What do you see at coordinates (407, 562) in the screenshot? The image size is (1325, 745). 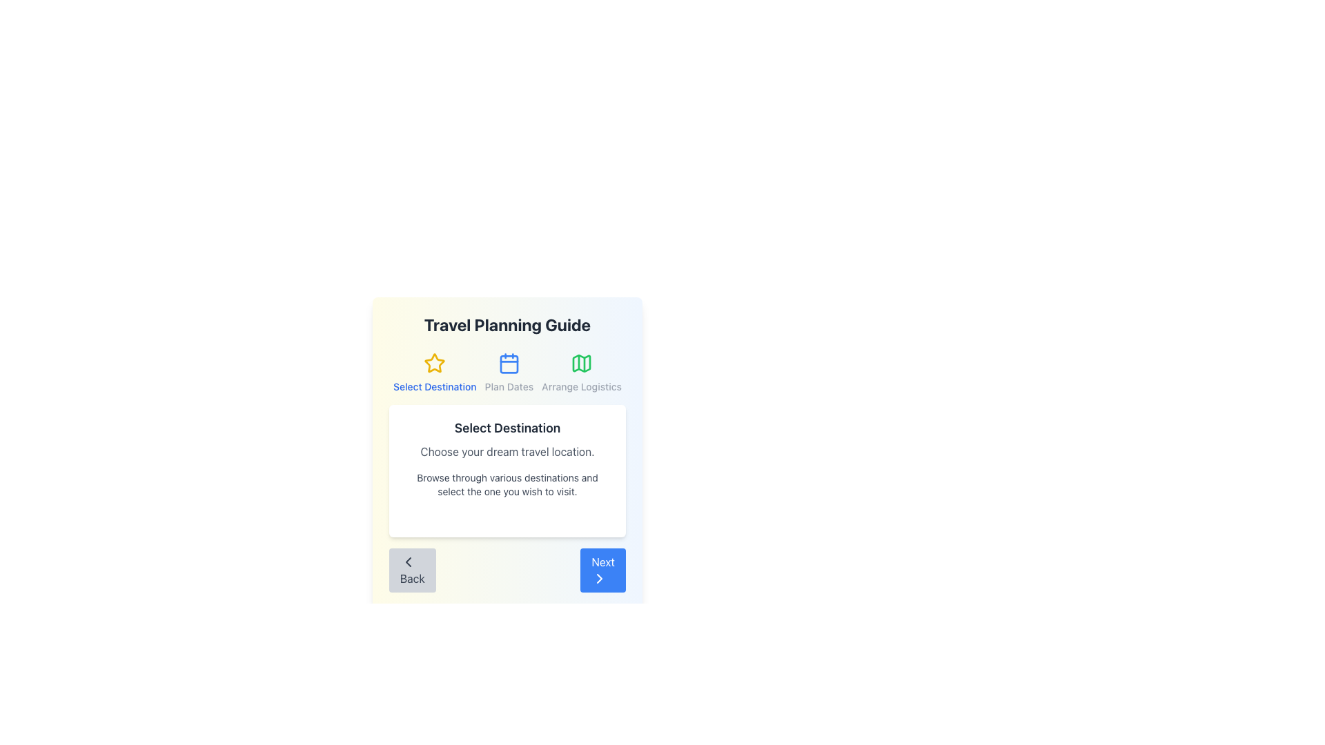 I see `the state change of the Back button's chevron icon, which is located at the bottom-left corner of the interface, adjacent to the 'Back' text` at bounding box center [407, 562].